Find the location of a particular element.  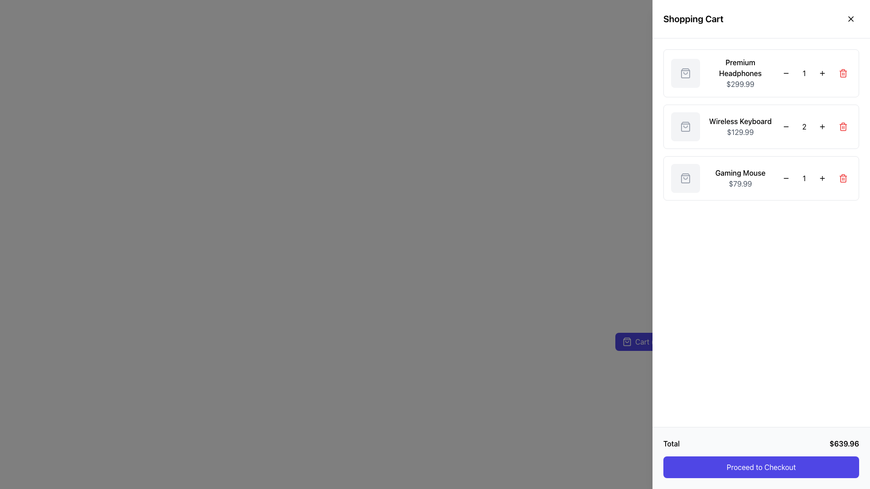

the shopping cart icon located in the bottom-left corner of the shopping cart sidebar is located at coordinates (626, 342).